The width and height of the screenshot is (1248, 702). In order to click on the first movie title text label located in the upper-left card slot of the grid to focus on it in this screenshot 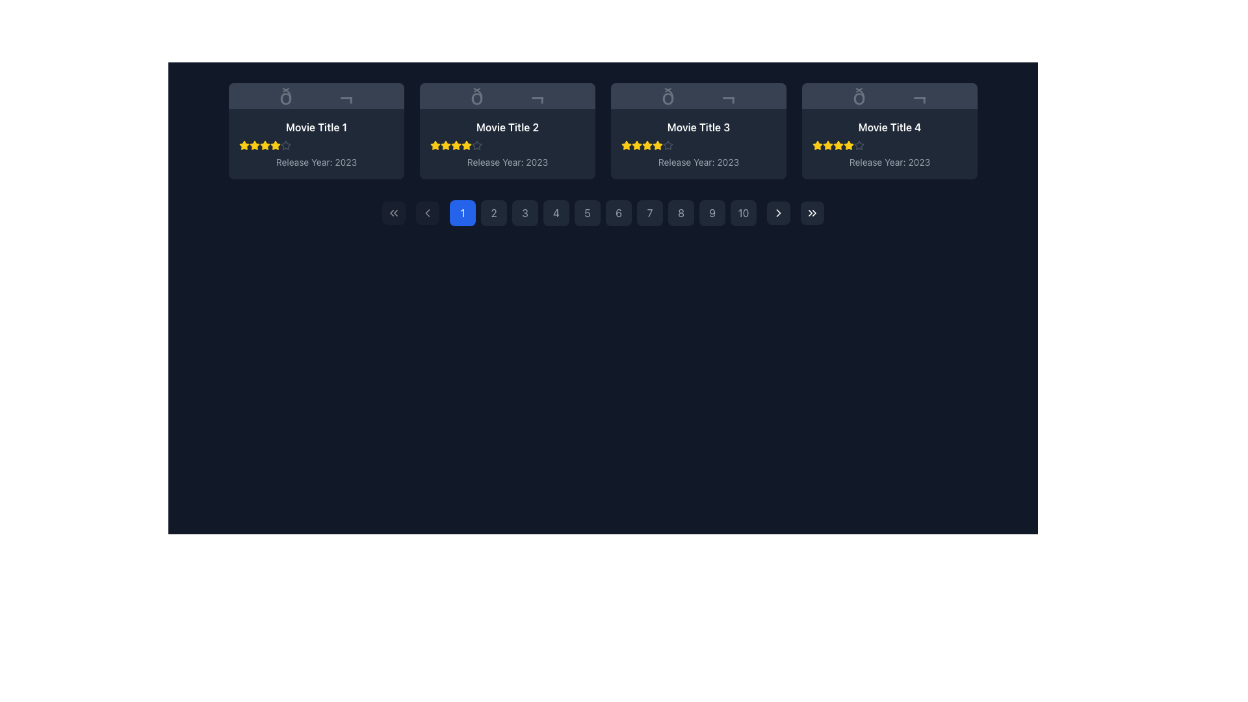, I will do `click(316, 127)`.